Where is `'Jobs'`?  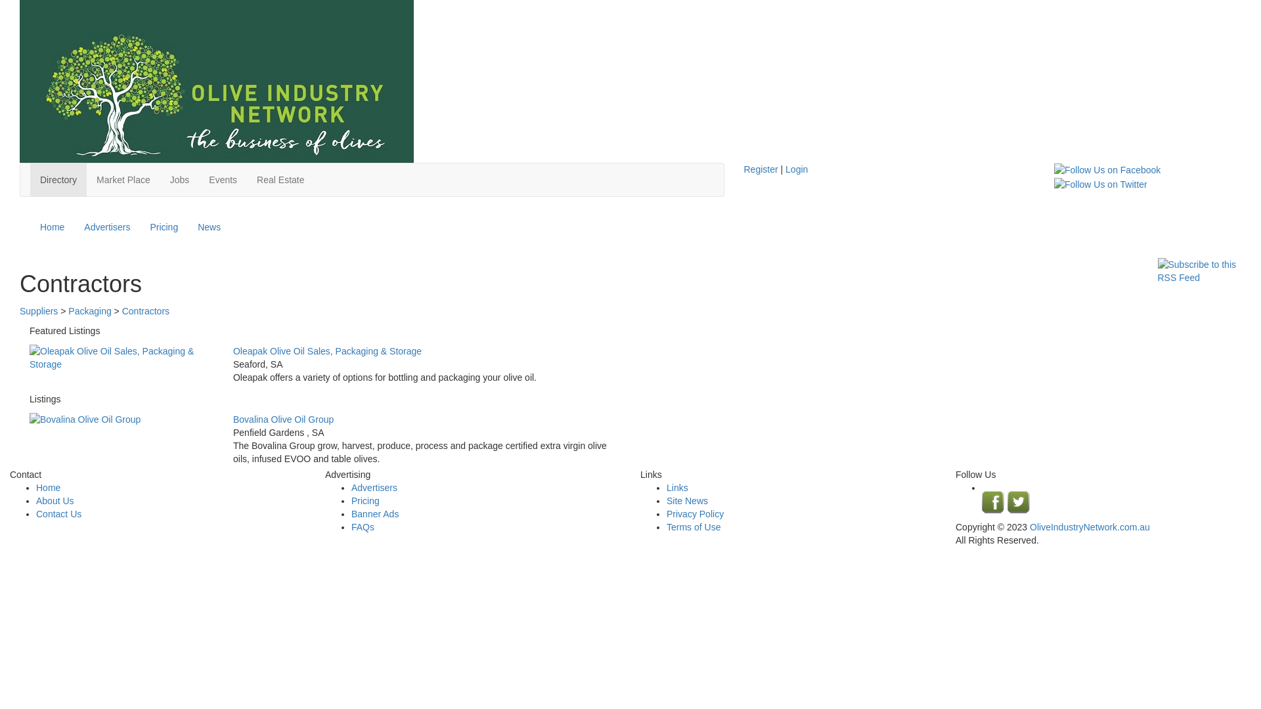 'Jobs' is located at coordinates (179, 179).